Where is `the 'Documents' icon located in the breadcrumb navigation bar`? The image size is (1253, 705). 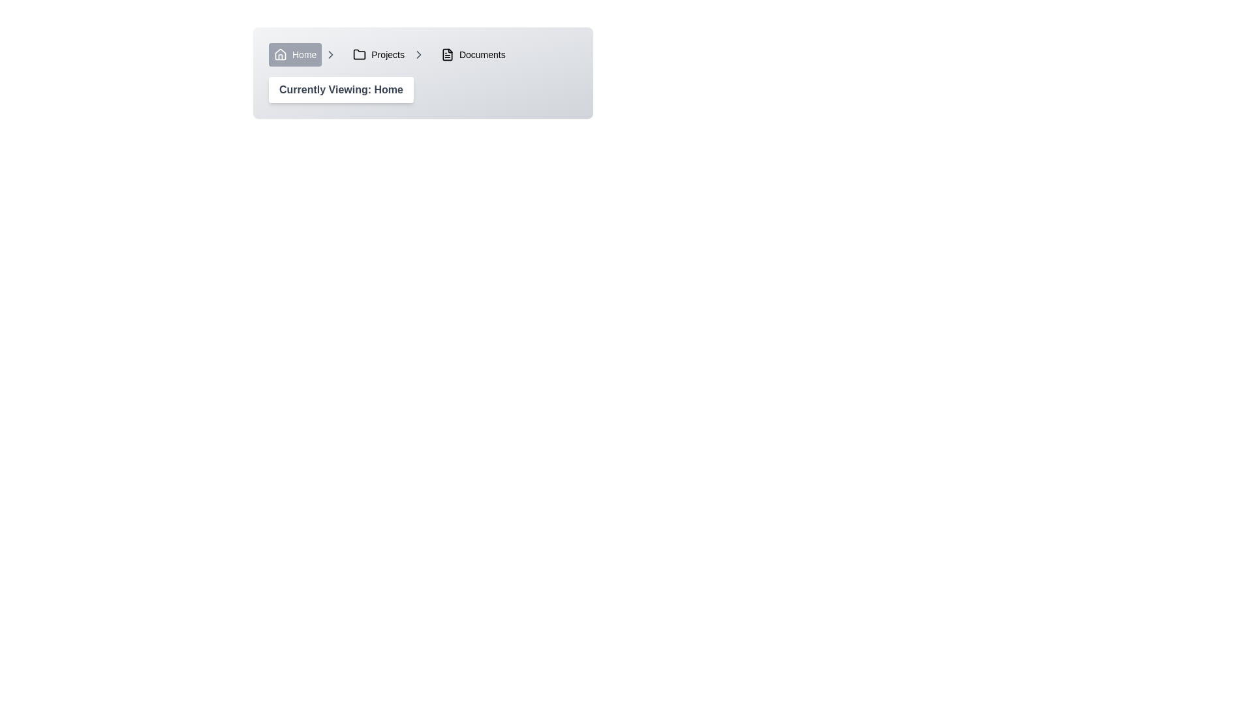 the 'Documents' icon located in the breadcrumb navigation bar is located at coordinates (448, 54).